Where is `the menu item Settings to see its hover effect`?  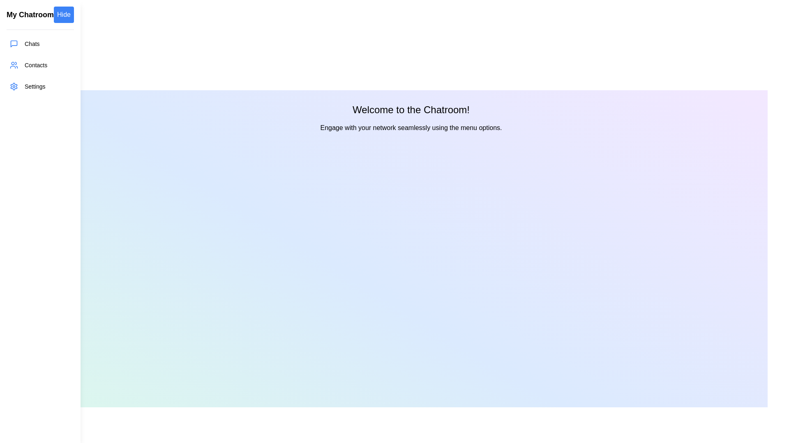 the menu item Settings to see its hover effect is located at coordinates (39, 87).